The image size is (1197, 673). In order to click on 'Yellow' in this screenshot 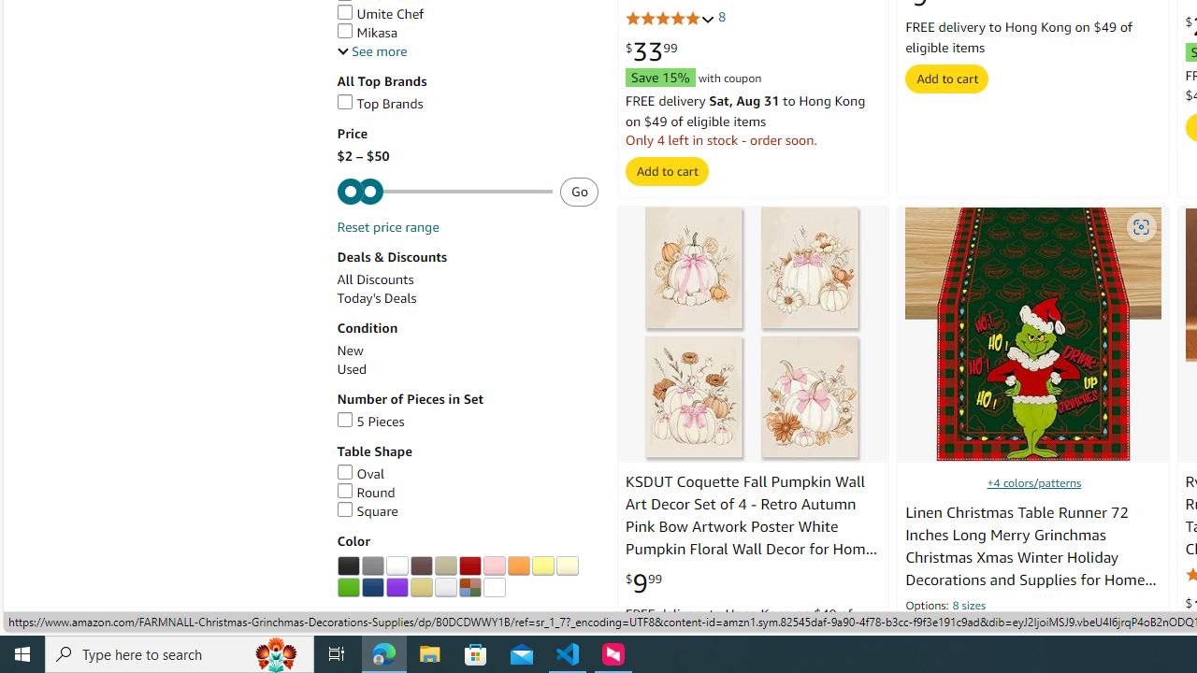, I will do `click(541, 565)`.